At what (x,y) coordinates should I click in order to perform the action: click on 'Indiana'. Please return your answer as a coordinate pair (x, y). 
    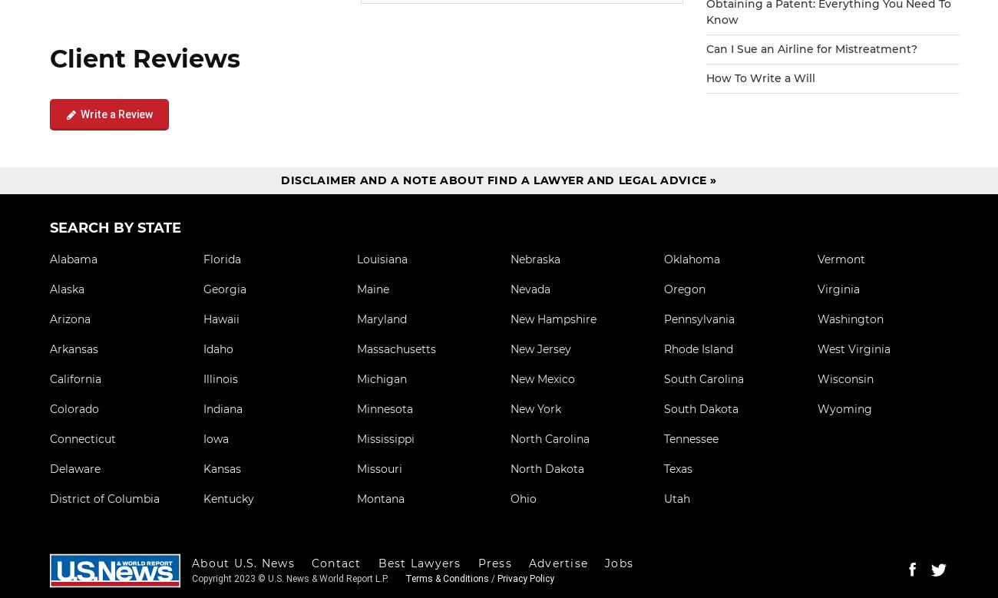
    Looking at the image, I should click on (223, 408).